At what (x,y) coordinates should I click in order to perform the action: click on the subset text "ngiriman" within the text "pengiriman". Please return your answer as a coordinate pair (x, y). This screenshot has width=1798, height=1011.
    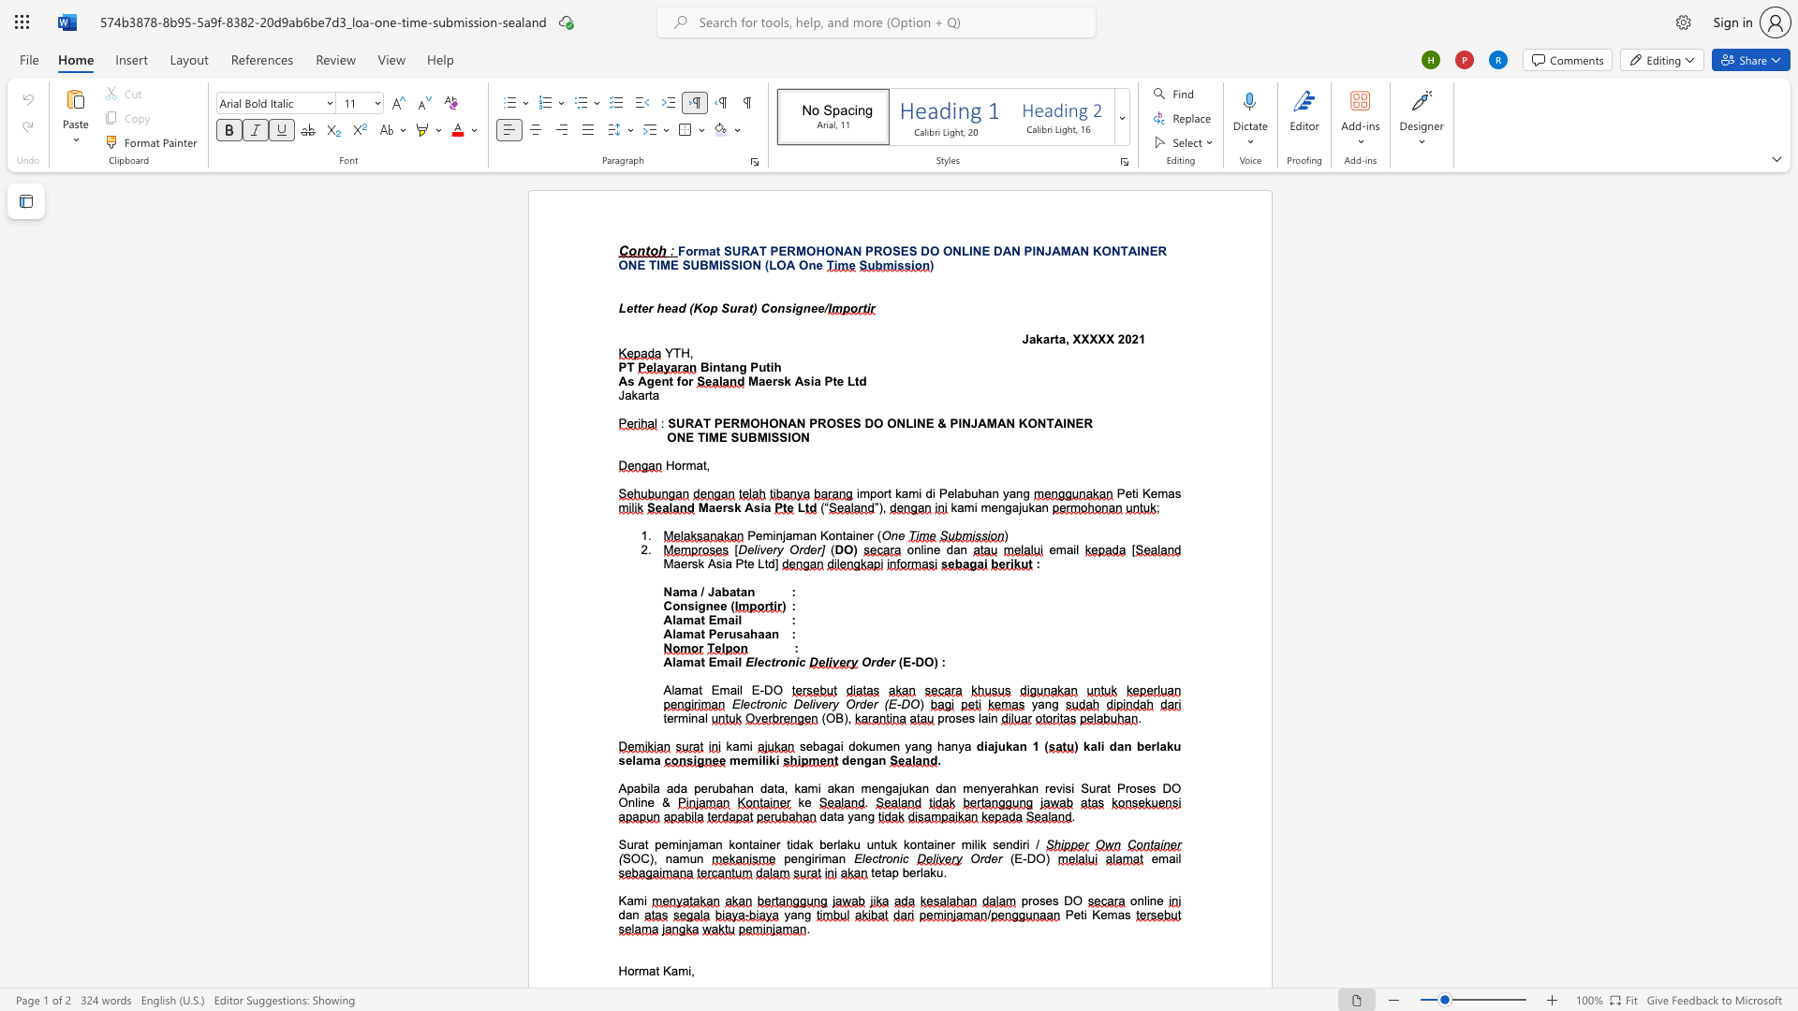
    Looking at the image, I should click on (797, 858).